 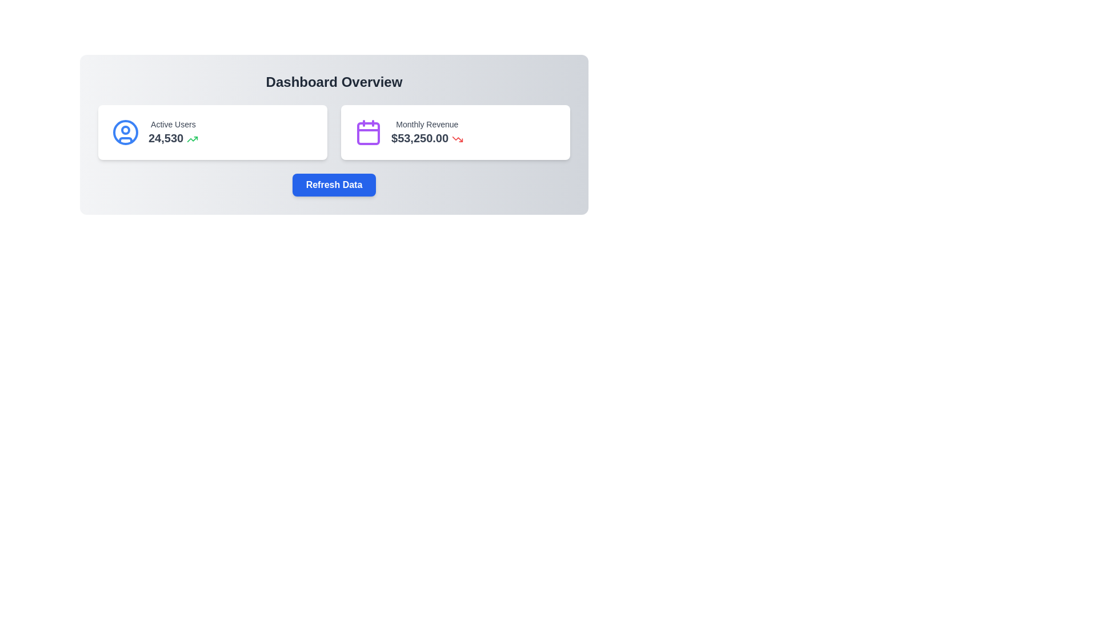 What do you see at coordinates (334, 185) in the screenshot?
I see `the refresh button located centrally beneath the 'Active Users' and 'Monthly Revenue' data cards in the 'Dashboard Overview' to refresh the displayed data` at bounding box center [334, 185].